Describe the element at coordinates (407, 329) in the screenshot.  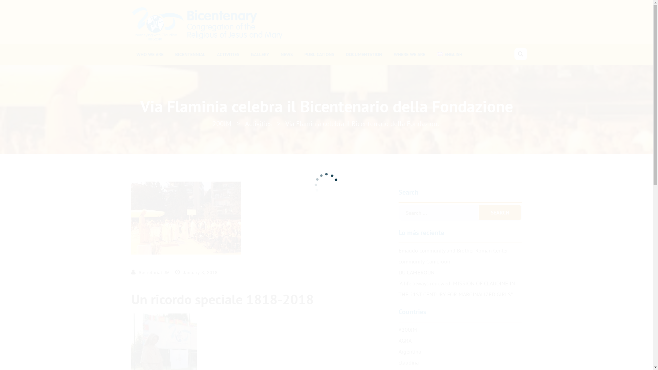
I see `'#200JM'` at that location.